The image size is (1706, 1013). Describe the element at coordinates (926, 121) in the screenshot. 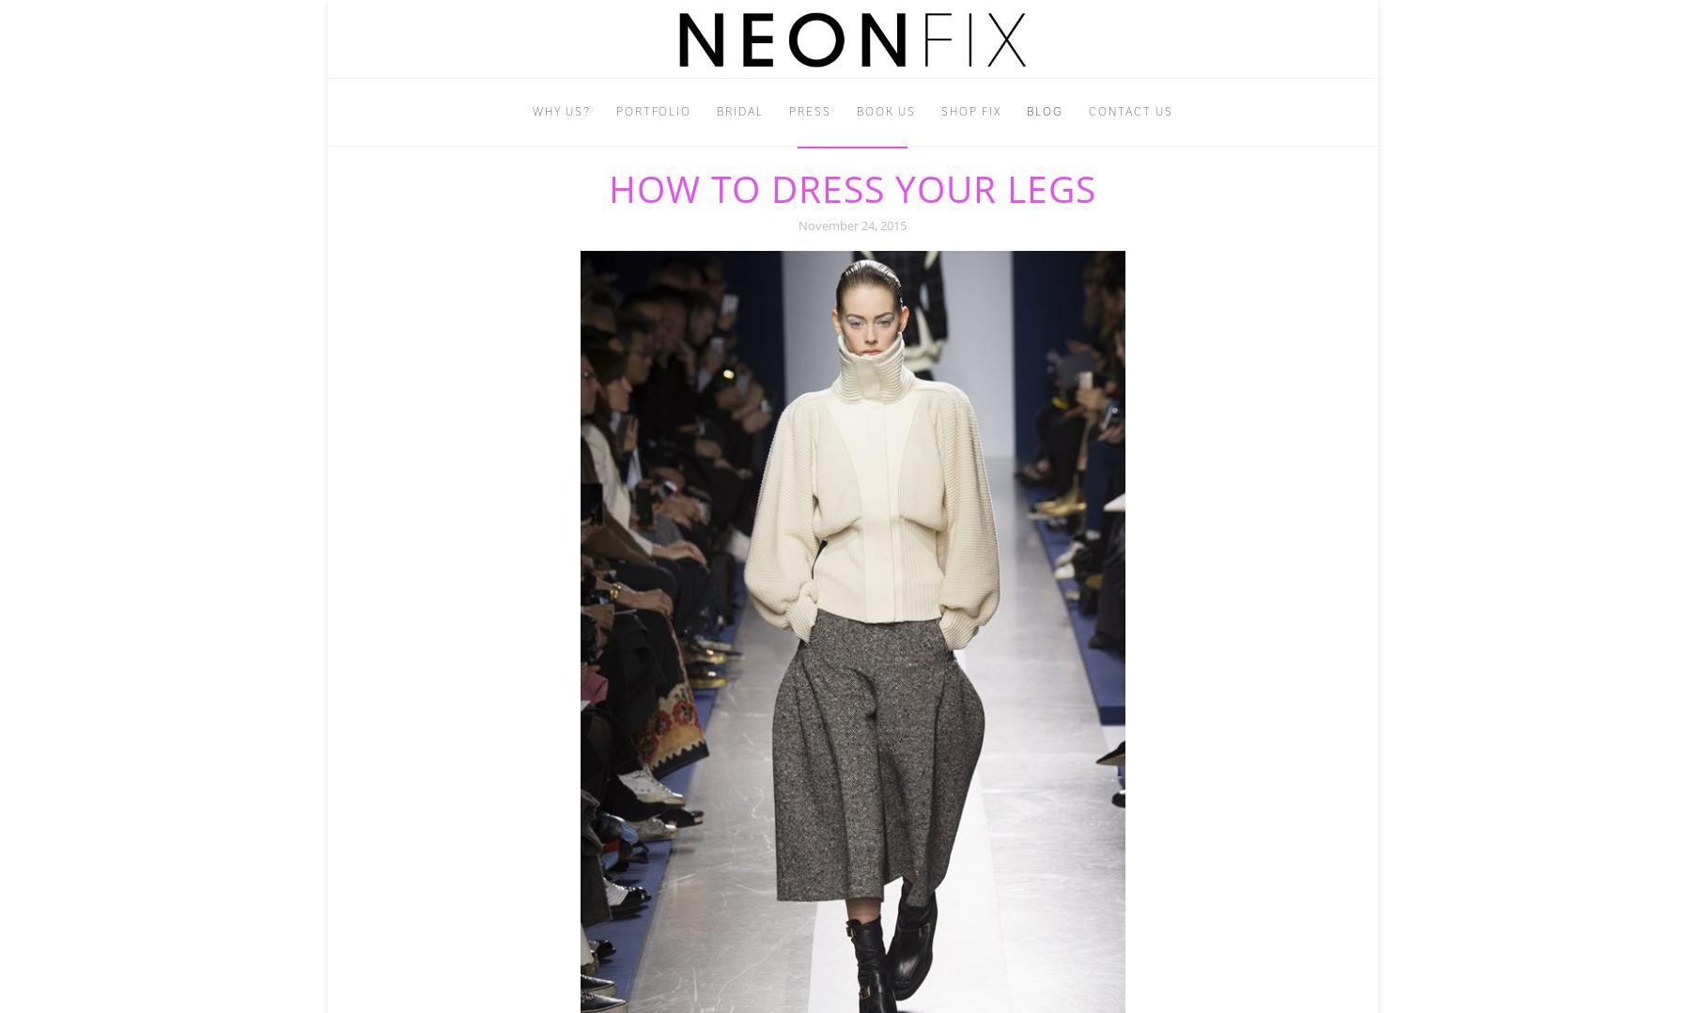

I see `'New York, NY, 10001'` at that location.